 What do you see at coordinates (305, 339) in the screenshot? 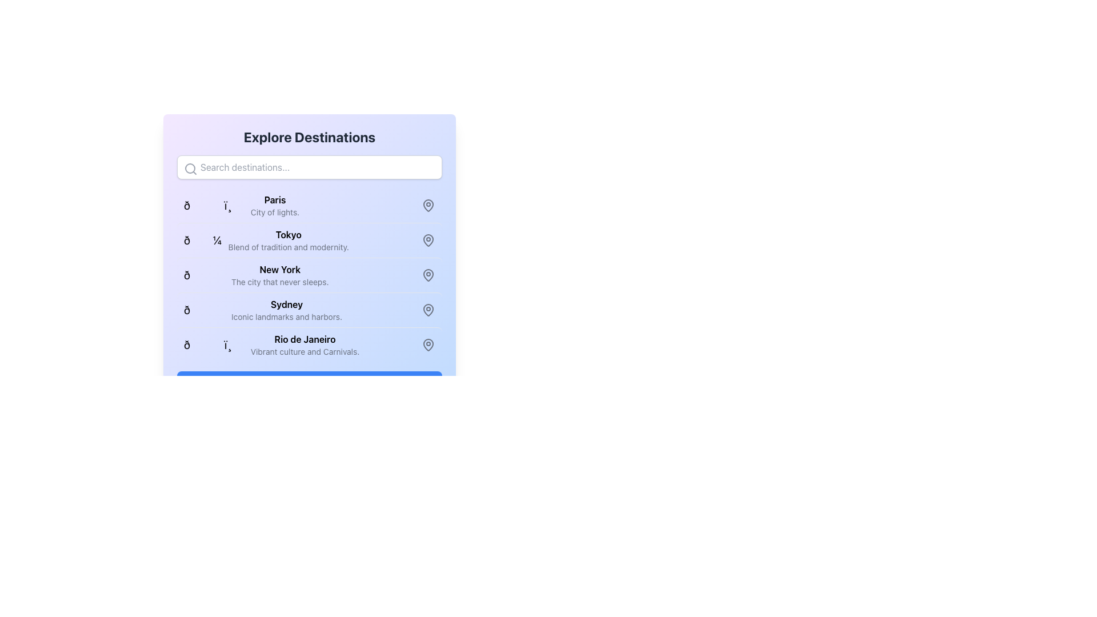
I see `the text label 'Rio de Janeiro' which is located in the fifth item of a vertical list of destinations, above 'Vibrant culture and Carnivals.' and below 'Sydney'` at bounding box center [305, 339].